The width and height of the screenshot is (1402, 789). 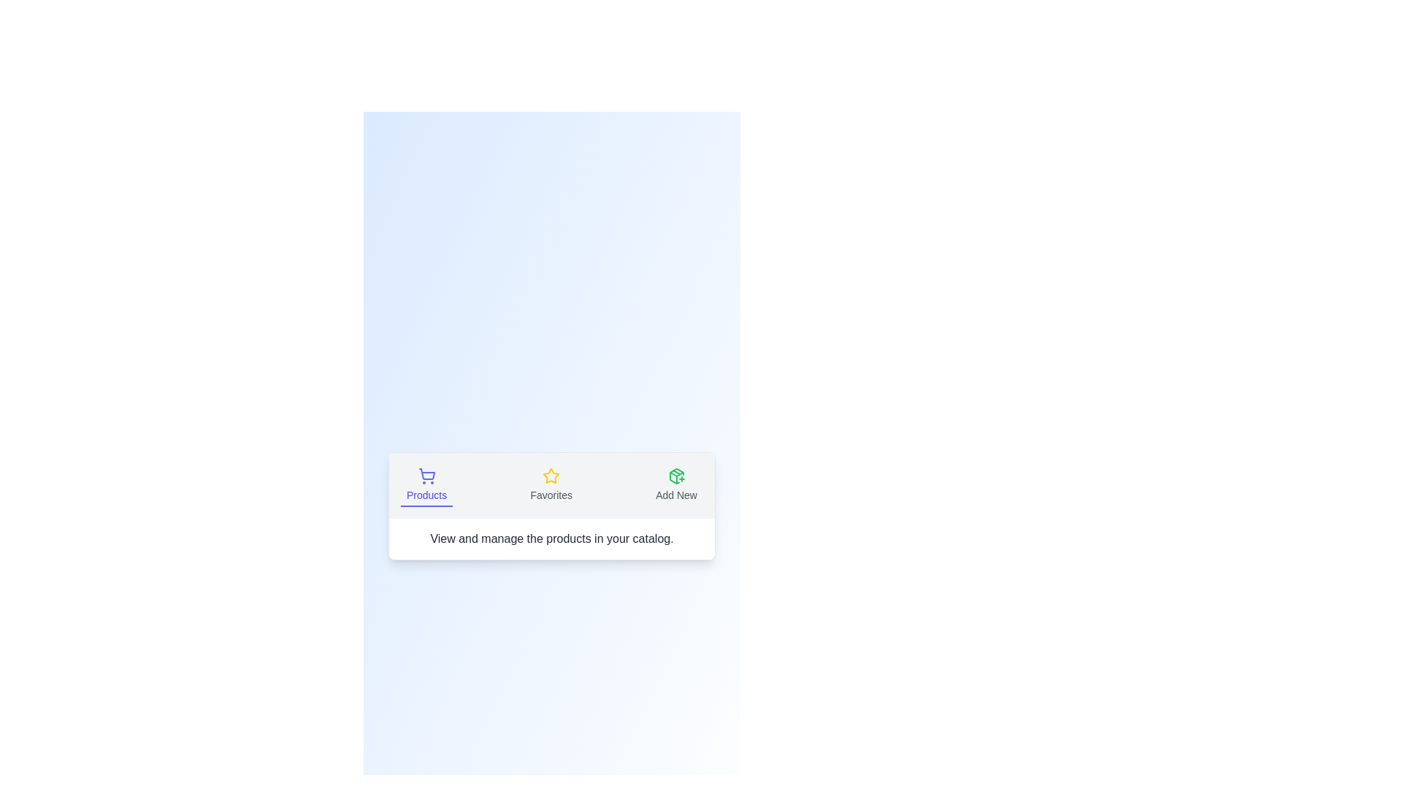 I want to click on the content displayed below the active tab, so click(x=551, y=538).